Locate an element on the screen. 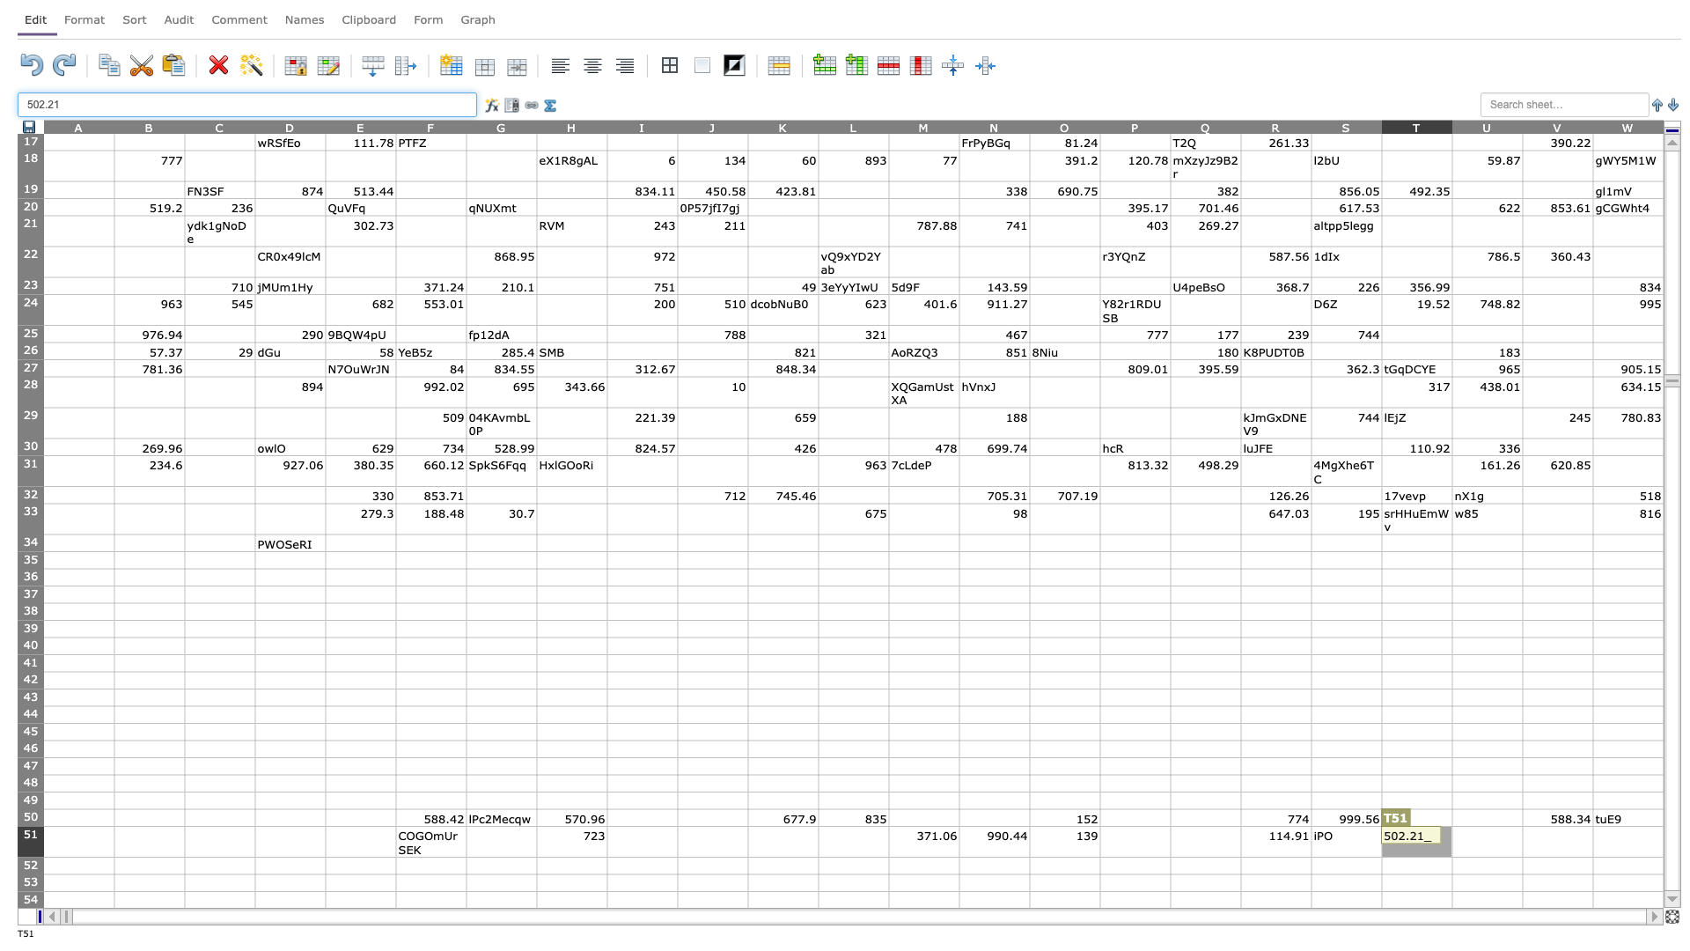 The width and height of the screenshot is (1690, 951). Place cursor on top left corner of W51 is located at coordinates (1592, 826).